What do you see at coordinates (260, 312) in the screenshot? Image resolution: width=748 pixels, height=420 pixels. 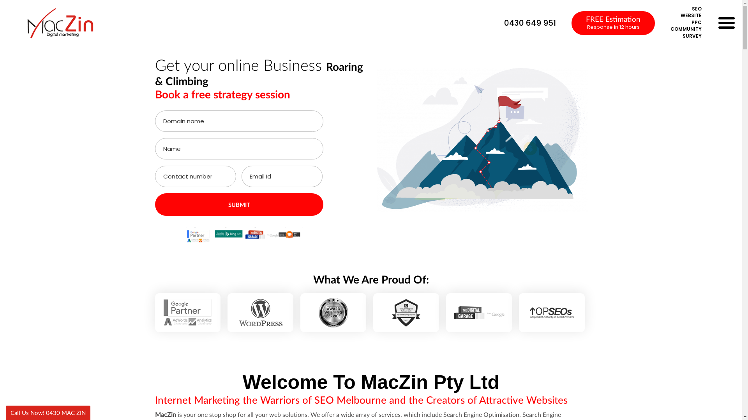 I see `'WordPress'` at bounding box center [260, 312].